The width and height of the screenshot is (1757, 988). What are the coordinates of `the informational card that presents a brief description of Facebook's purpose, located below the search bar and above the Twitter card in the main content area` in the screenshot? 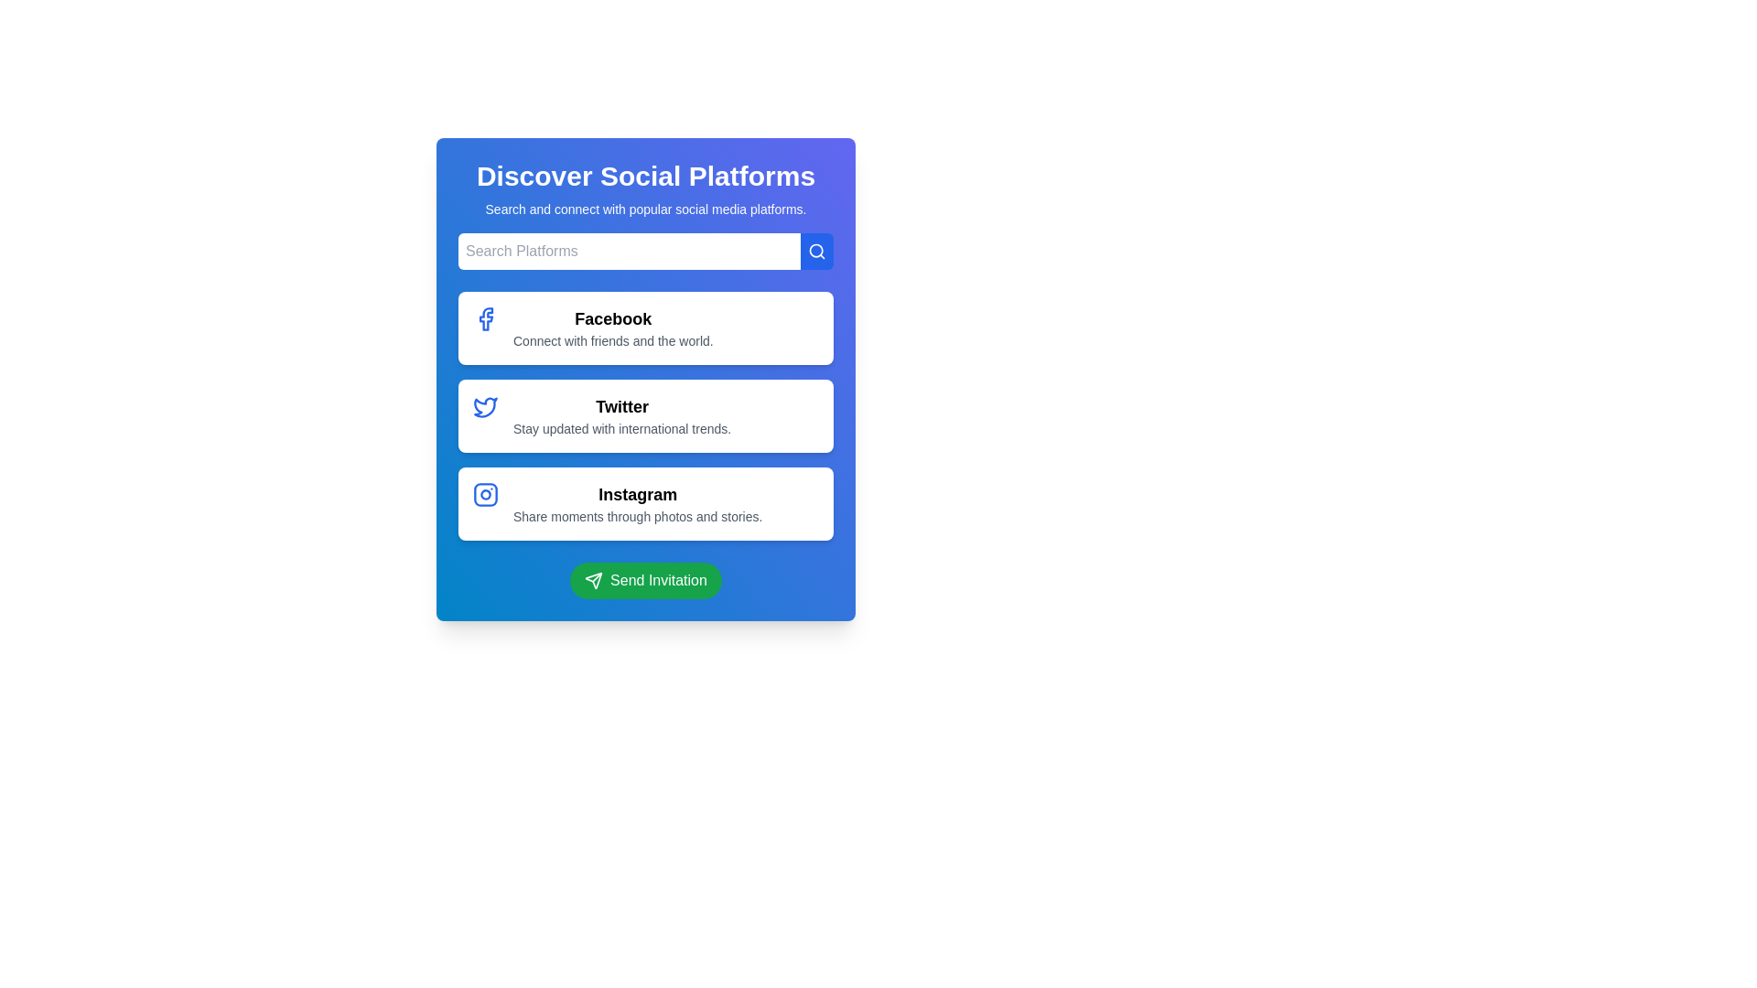 It's located at (645, 327).